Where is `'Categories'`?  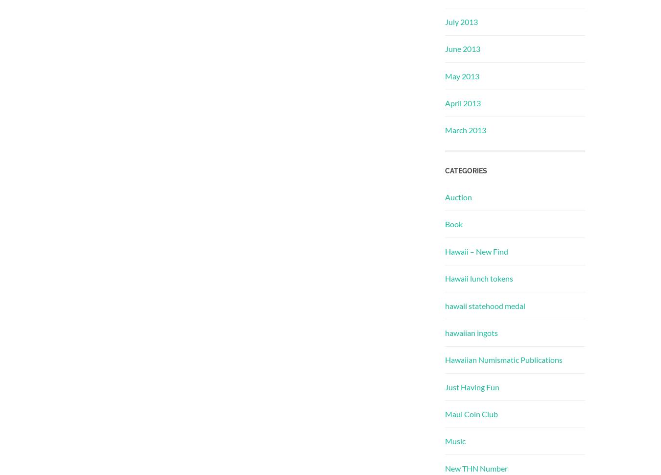 'Categories' is located at coordinates (466, 170).